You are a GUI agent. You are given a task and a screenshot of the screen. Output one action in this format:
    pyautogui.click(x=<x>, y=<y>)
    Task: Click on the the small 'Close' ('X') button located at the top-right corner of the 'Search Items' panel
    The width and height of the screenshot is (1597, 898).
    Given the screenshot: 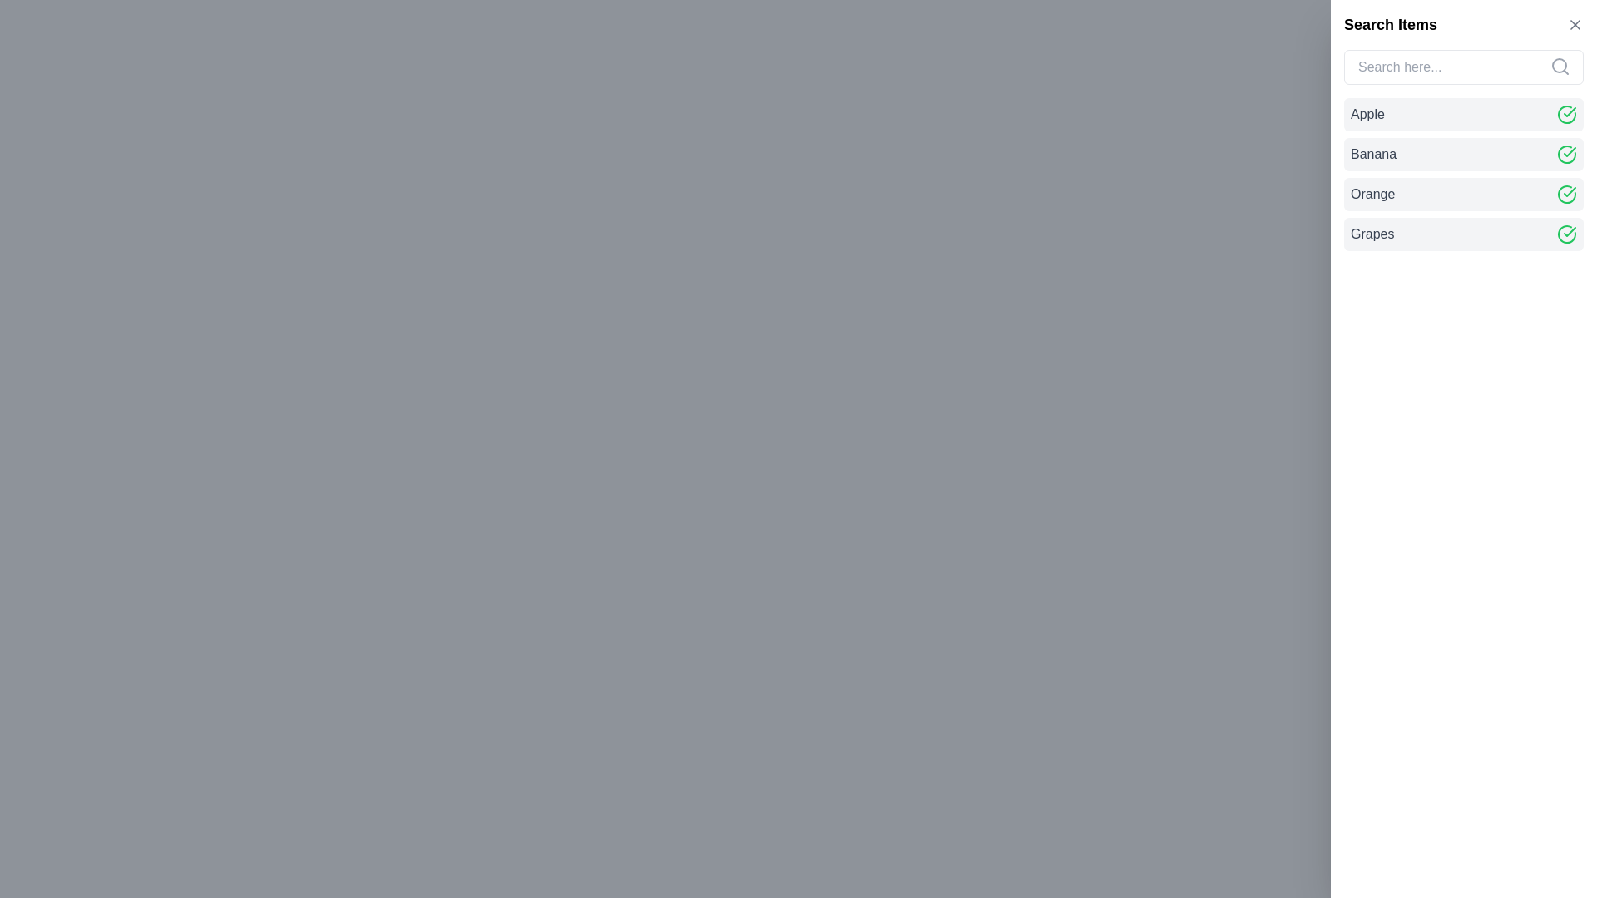 What is the action you would take?
    pyautogui.click(x=1575, y=25)
    